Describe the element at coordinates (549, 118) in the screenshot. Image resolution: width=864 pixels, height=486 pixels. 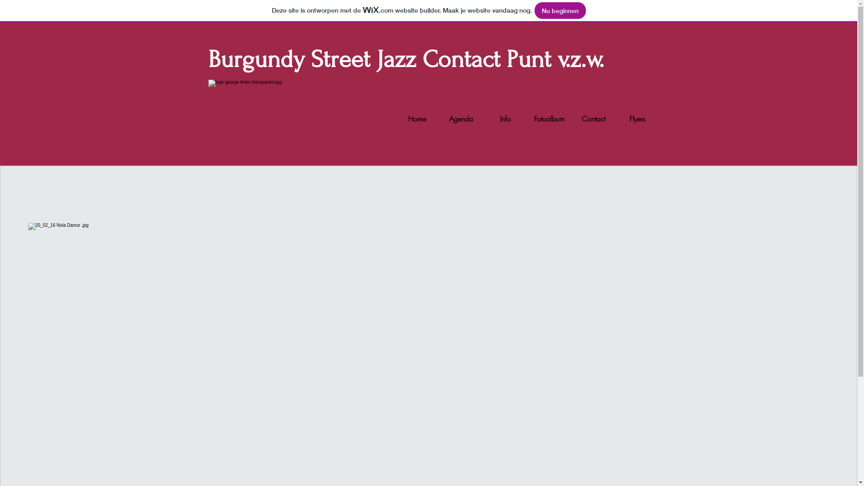
I see `'Fotoalbum'` at that location.